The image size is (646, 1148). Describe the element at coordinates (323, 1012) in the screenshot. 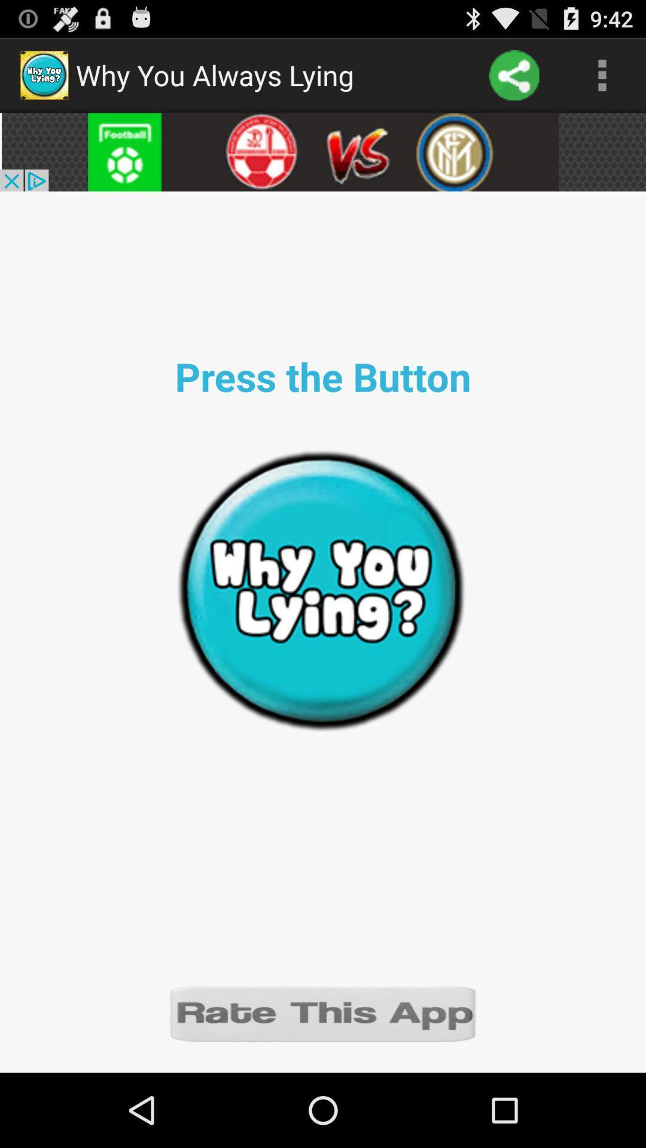

I see `rate this app` at that location.